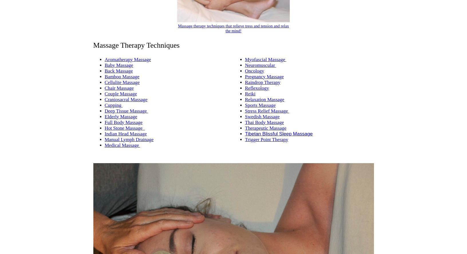 The image size is (467, 254). Describe the element at coordinates (260, 65) in the screenshot. I see `'Neuromuscular'` at that location.